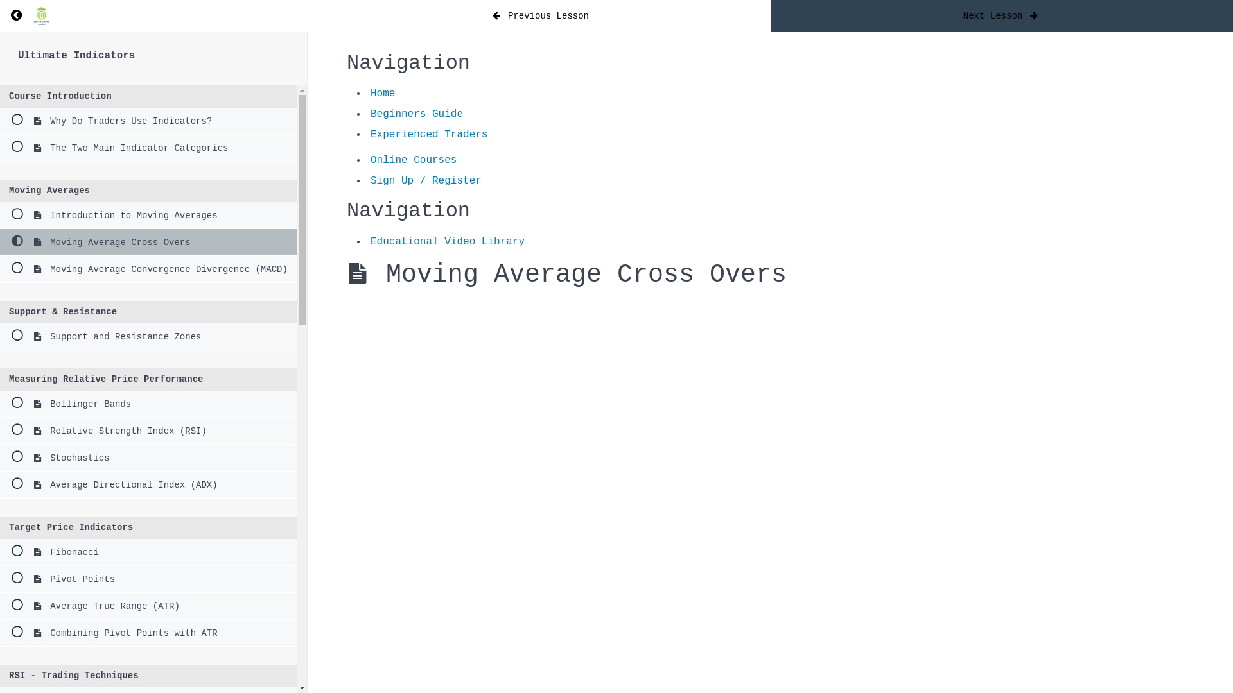 The height and width of the screenshot is (693, 1233). Describe the element at coordinates (413, 160) in the screenshot. I see `'Online Courses'` at that location.